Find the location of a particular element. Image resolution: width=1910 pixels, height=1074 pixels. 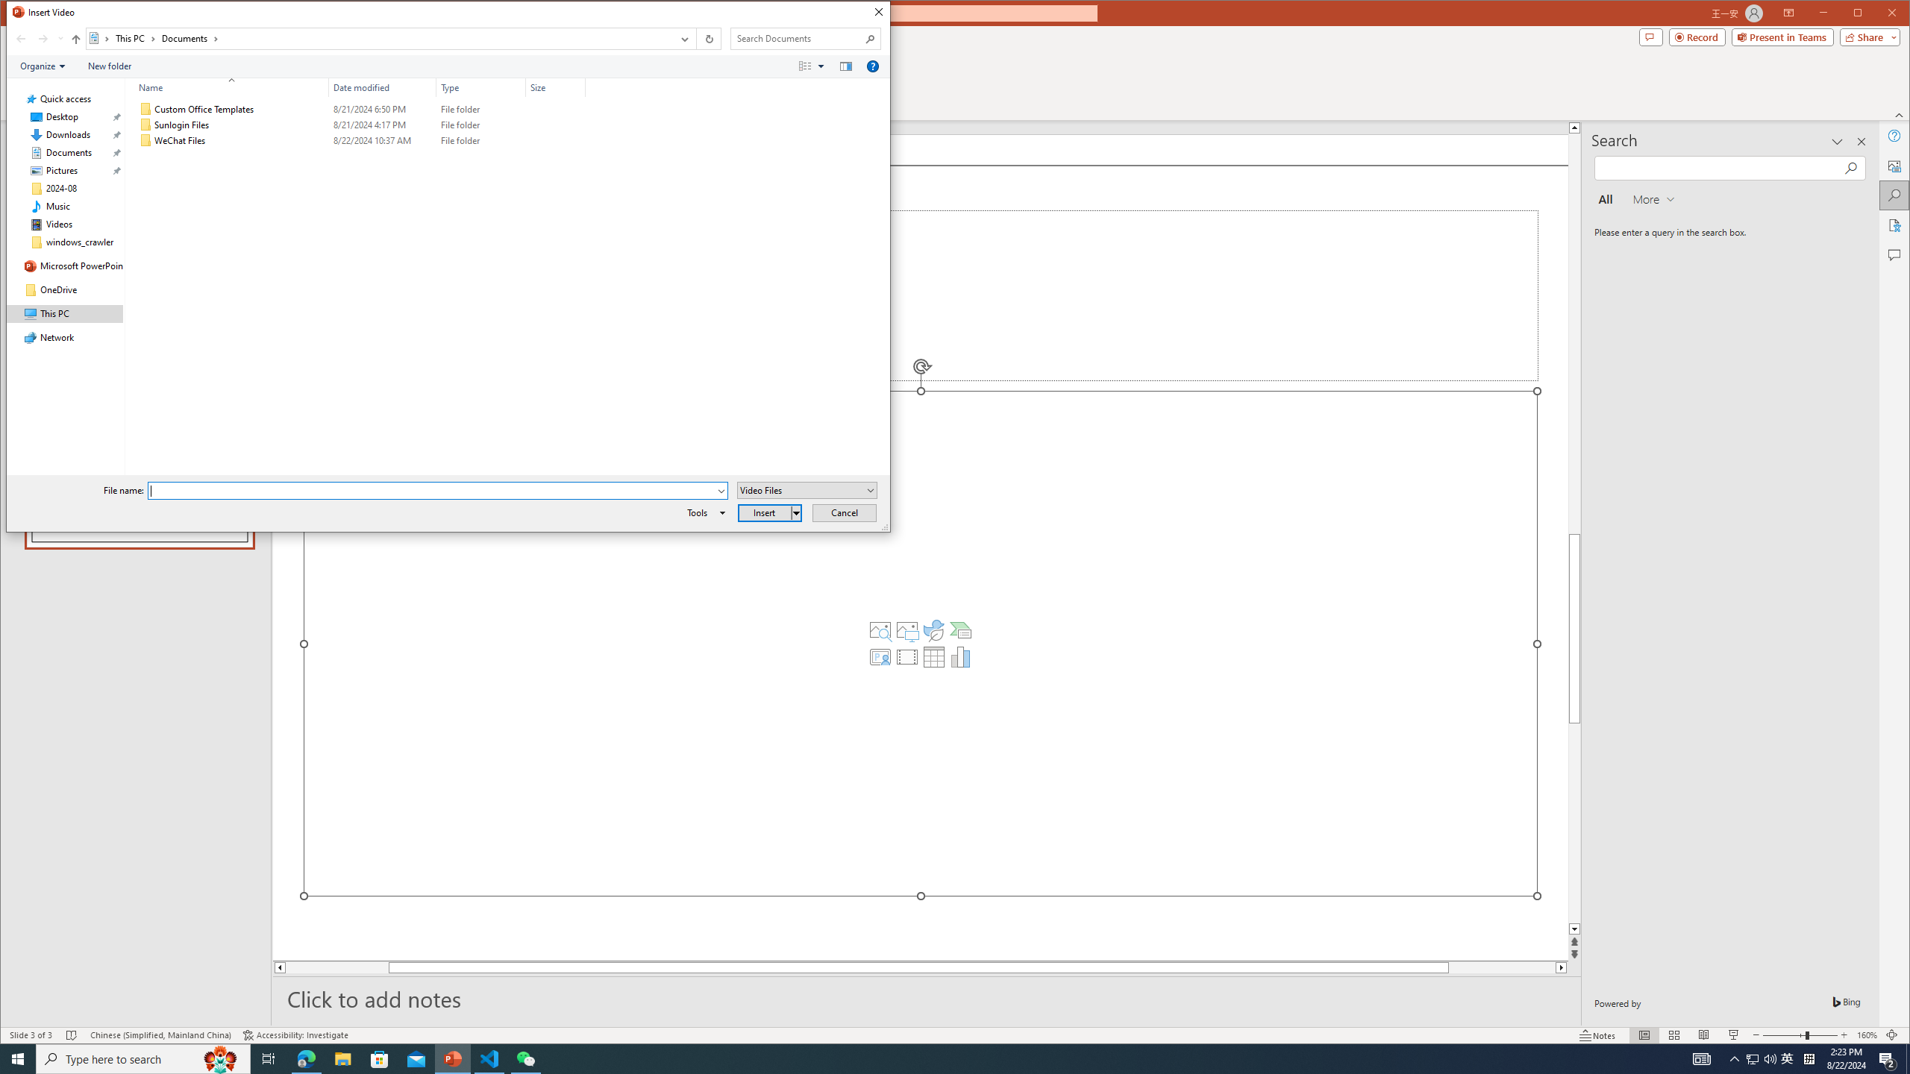

'Type' is located at coordinates (480, 87).